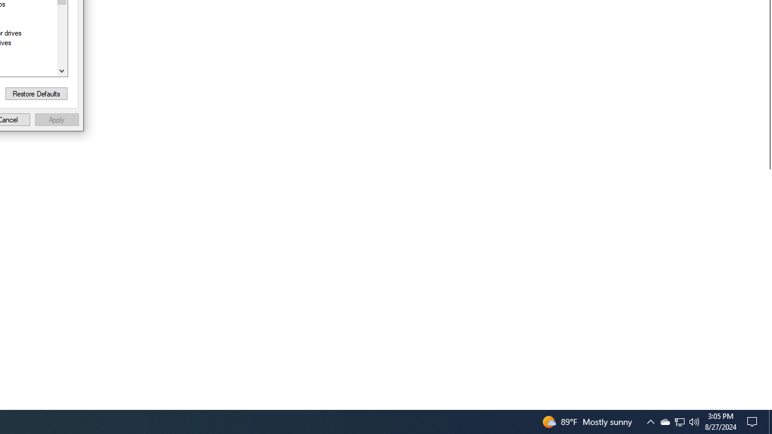  I want to click on 'Line down', so click(61, 71).